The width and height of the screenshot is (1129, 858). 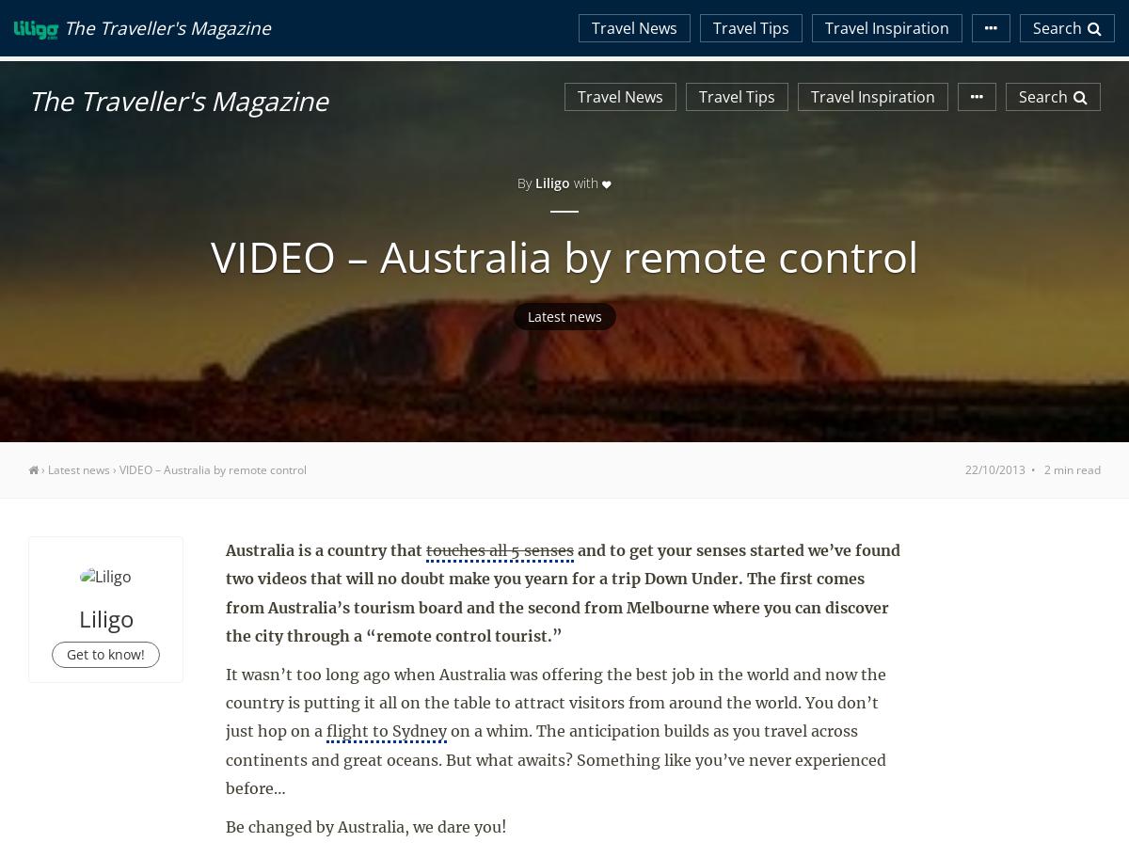 What do you see at coordinates (499, 548) in the screenshot?
I see `'touches all 5 senses'` at bounding box center [499, 548].